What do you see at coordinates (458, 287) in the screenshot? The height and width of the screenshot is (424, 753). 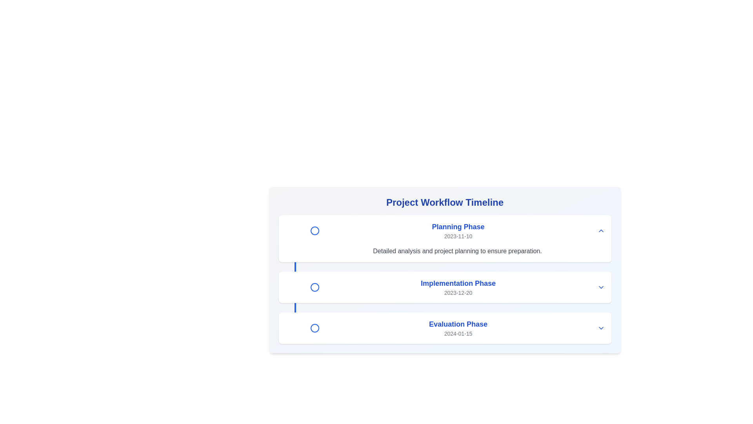 I see `the 'Implementation Phase' informational block, which features bold, blue text and a smaller gray date below it, positioned in a centered timeline` at bounding box center [458, 287].